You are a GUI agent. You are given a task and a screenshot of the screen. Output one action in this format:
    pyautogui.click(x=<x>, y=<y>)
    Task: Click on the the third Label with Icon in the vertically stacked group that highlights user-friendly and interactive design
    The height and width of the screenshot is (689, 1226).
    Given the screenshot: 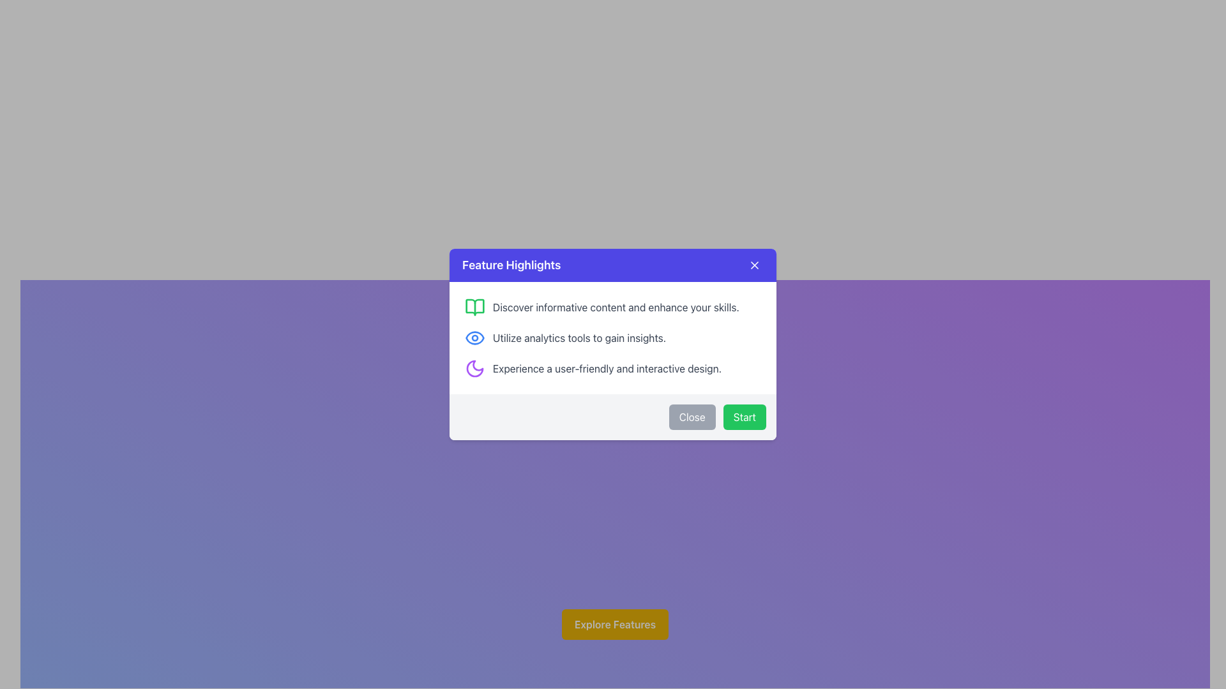 What is the action you would take?
    pyautogui.click(x=613, y=369)
    